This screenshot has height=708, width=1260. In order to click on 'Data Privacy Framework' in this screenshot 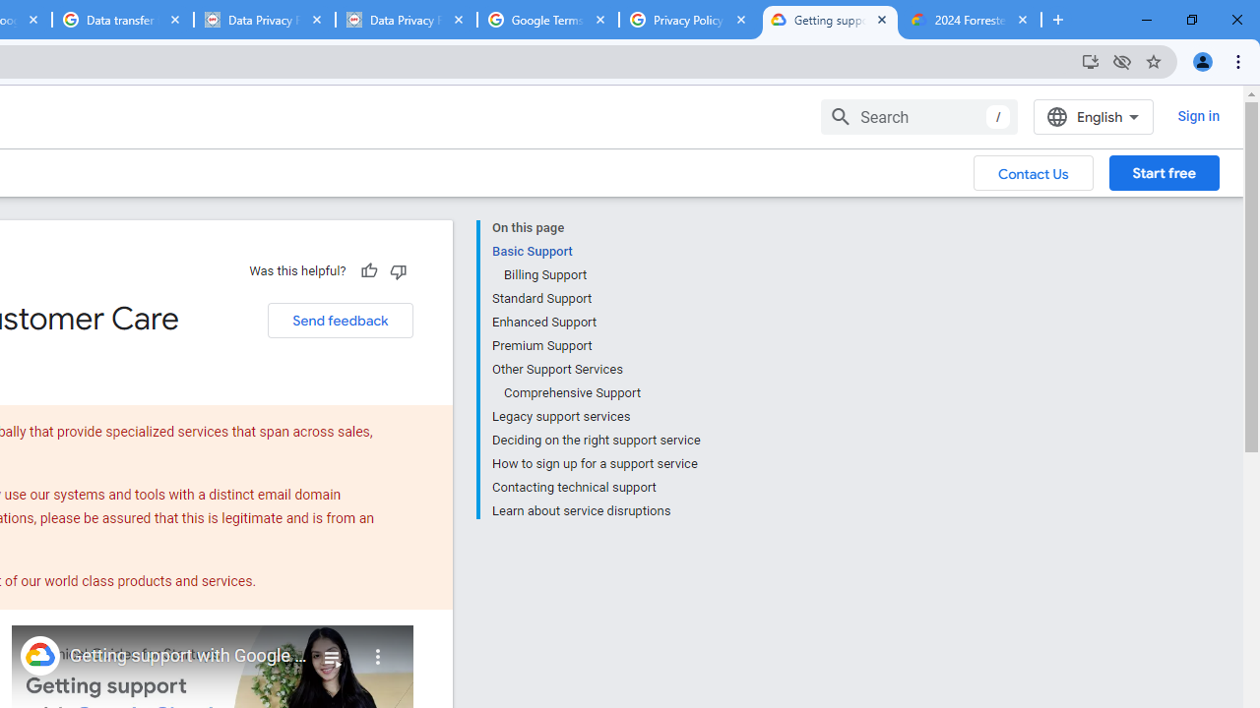, I will do `click(405, 20)`.